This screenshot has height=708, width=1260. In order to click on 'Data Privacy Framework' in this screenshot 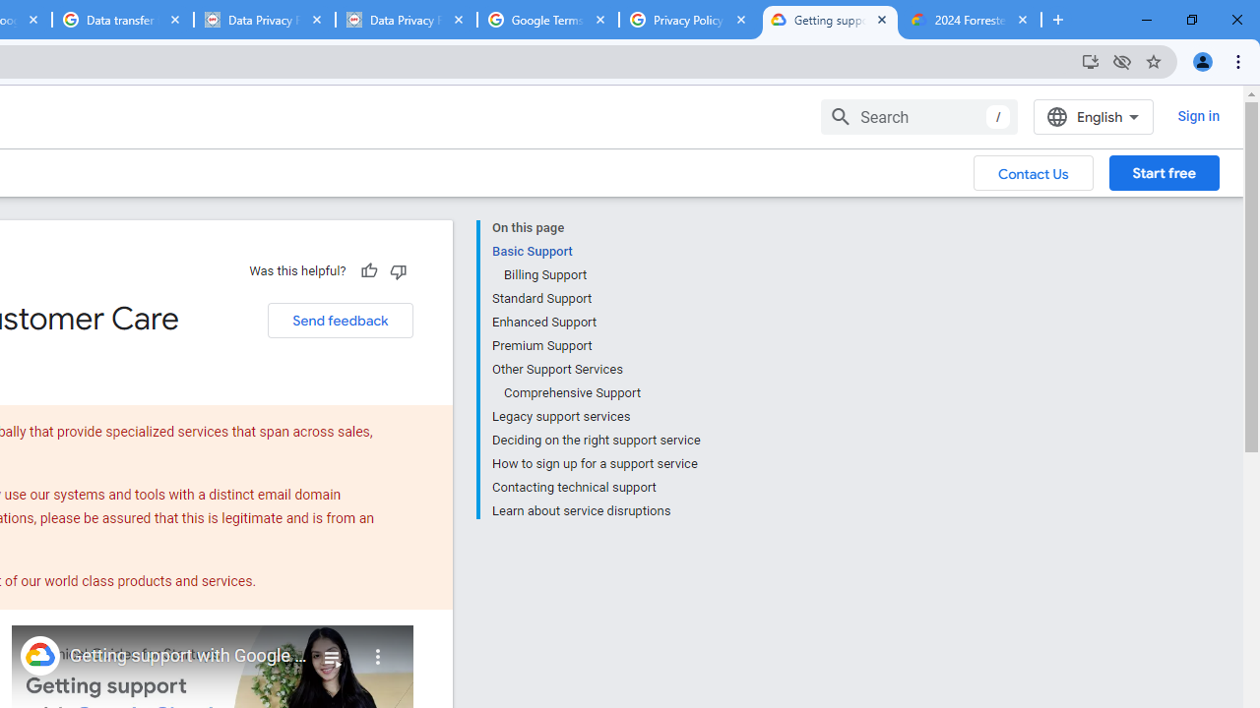, I will do `click(405, 20)`.